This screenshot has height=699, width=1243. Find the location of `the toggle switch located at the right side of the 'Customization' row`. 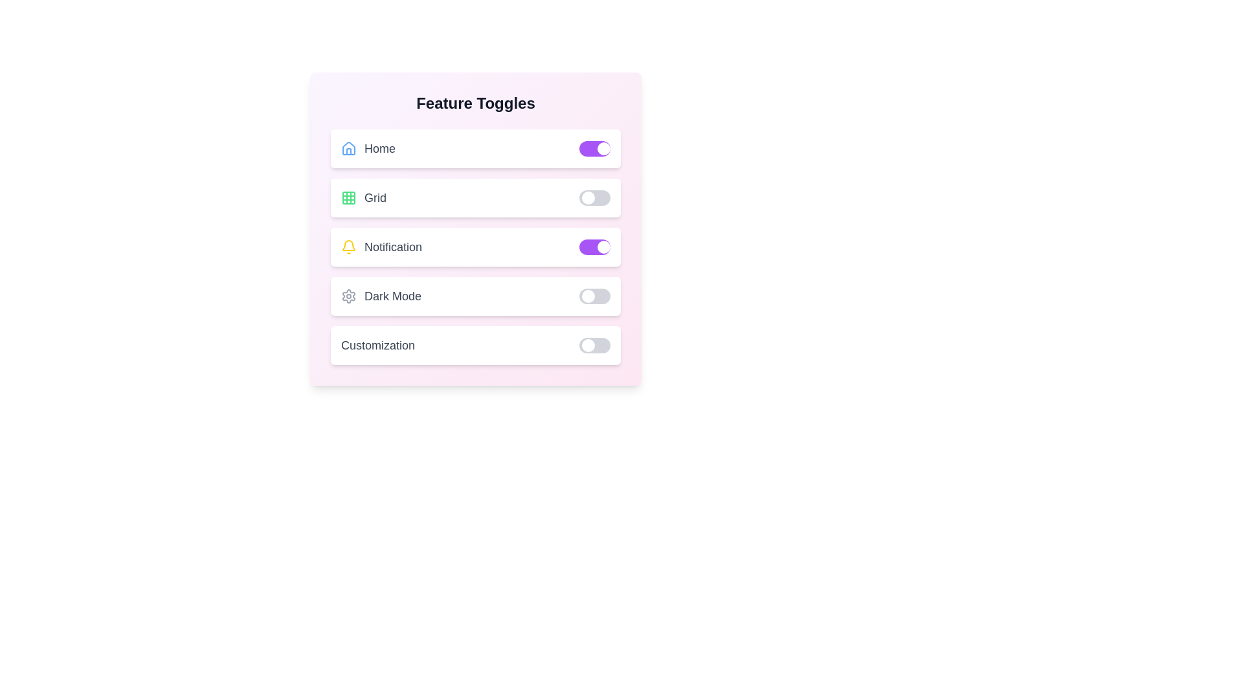

the toggle switch located at the right side of the 'Customization' row is located at coordinates (594, 344).